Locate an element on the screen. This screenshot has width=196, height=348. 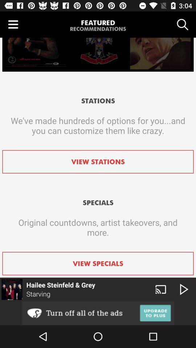
the play icon is located at coordinates (184, 289).